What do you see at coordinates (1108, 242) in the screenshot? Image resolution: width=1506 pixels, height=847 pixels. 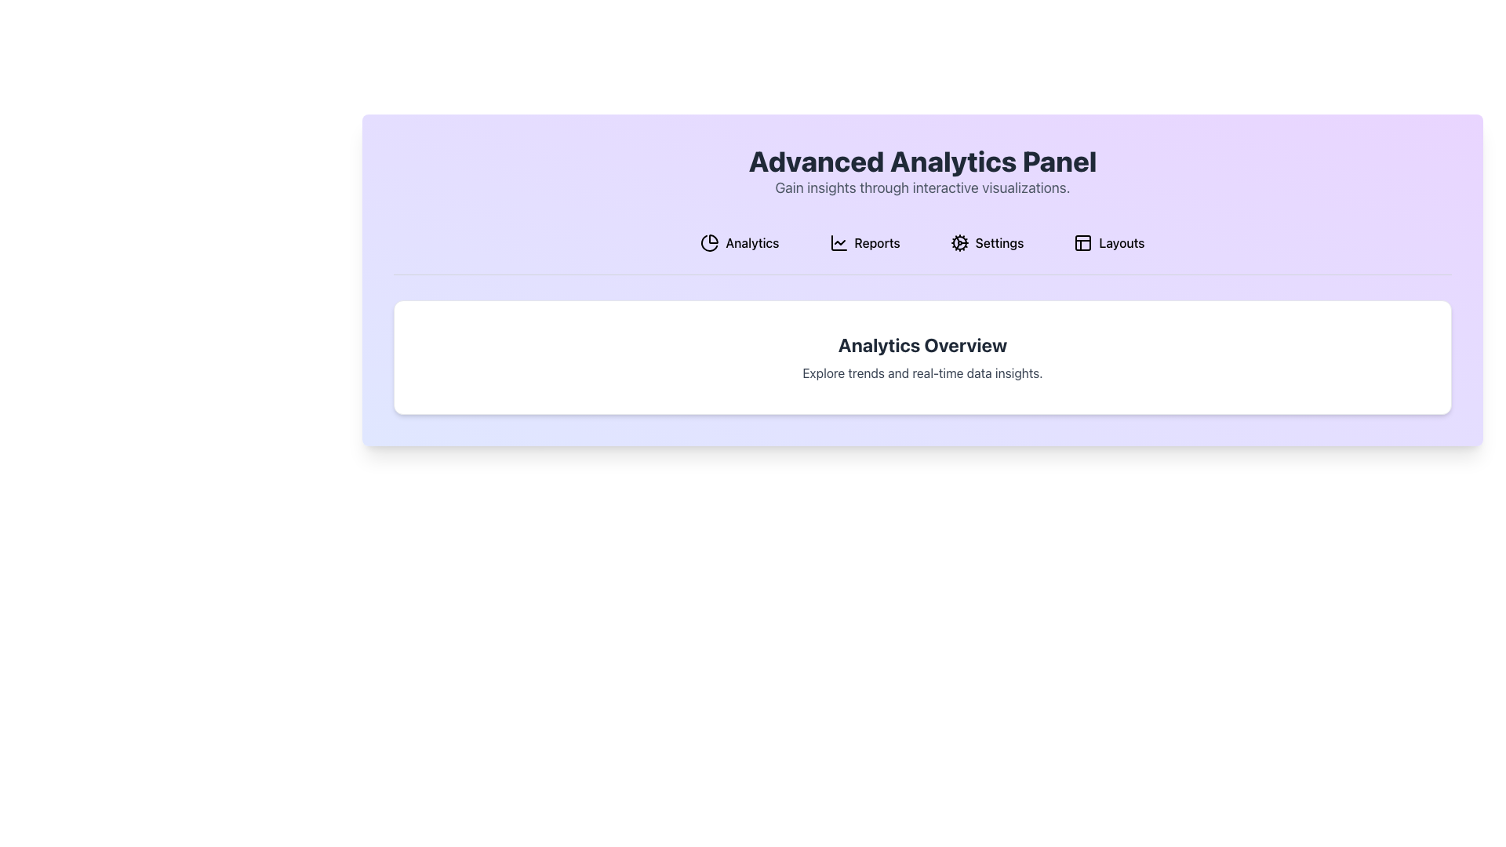 I see `the 'Layouts' tab button, which is the fourth tab in the navigation bar, to observe its hover effects` at bounding box center [1108, 242].